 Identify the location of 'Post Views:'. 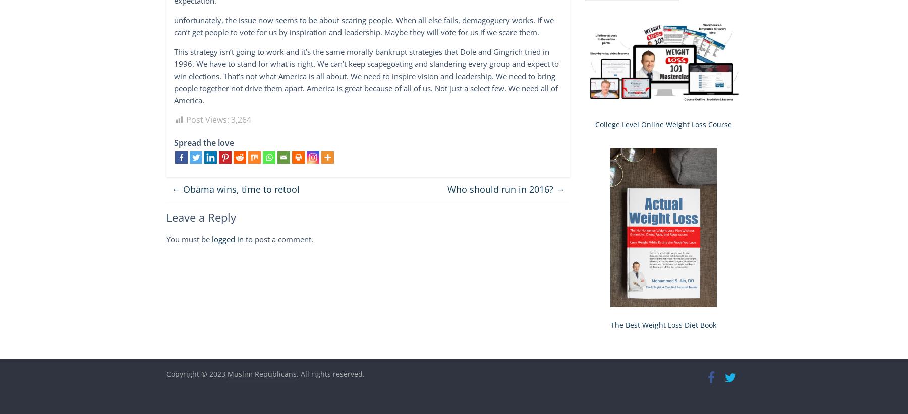
(207, 119).